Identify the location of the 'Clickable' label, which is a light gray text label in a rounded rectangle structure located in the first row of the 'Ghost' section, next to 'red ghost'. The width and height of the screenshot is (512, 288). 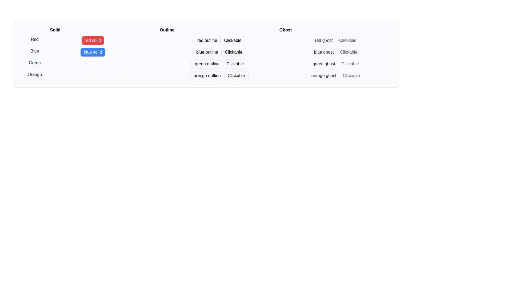
(348, 40).